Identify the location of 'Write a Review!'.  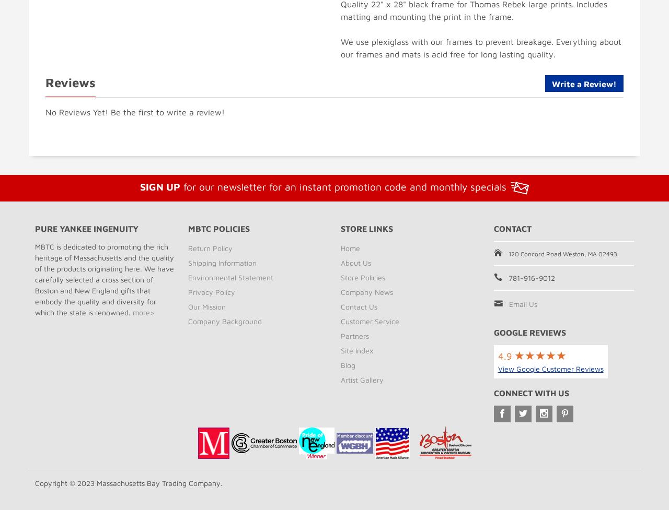
(551, 84).